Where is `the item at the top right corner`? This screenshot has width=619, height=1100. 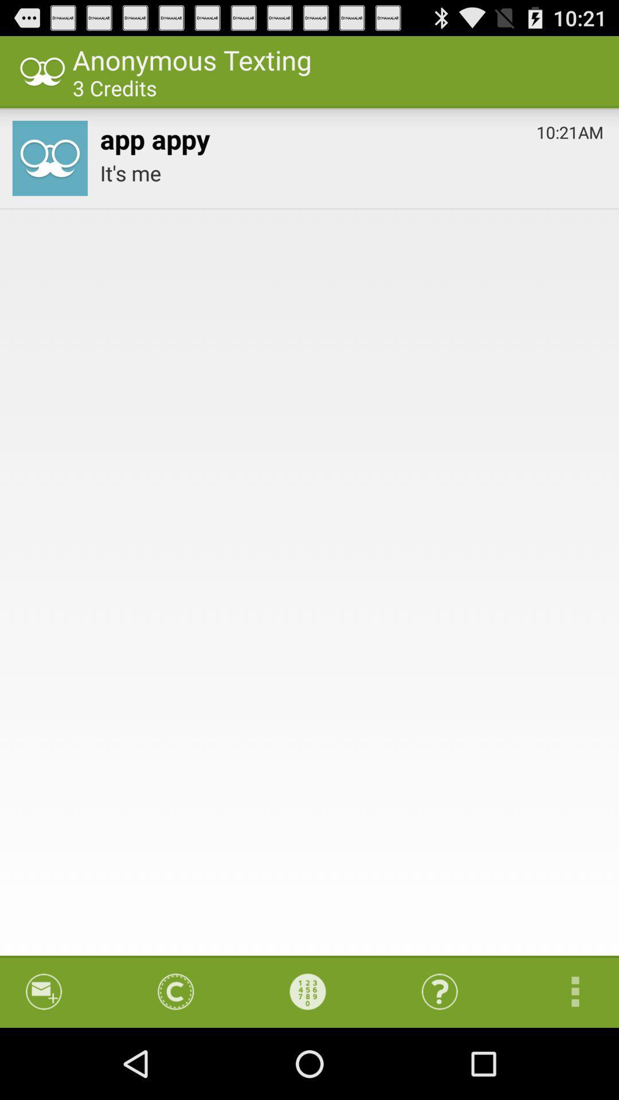 the item at the top right corner is located at coordinates (570, 129).